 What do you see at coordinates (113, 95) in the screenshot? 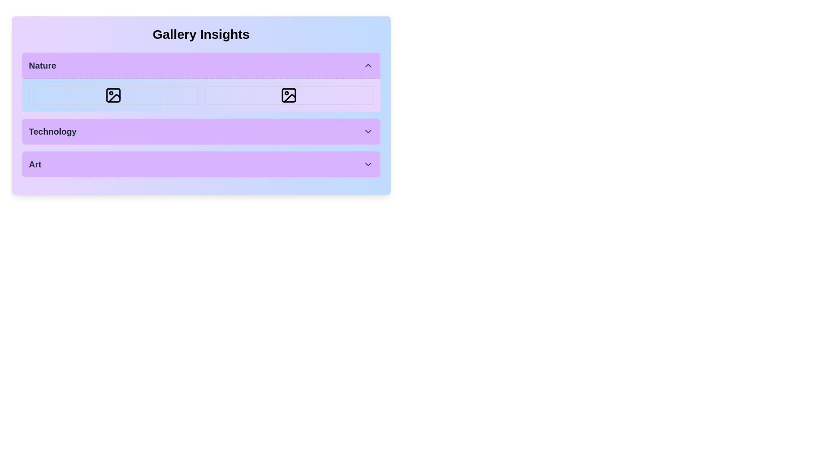
I see `the icon representing an image or gallery item located in the 'Nature' row of the 'Gallery Insights' panel` at bounding box center [113, 95].